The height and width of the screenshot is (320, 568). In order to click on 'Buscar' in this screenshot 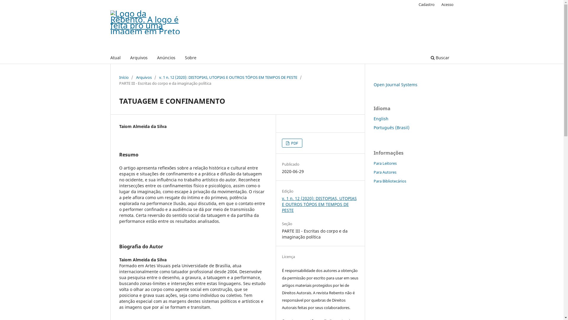, I will do `click(440, 58)`.